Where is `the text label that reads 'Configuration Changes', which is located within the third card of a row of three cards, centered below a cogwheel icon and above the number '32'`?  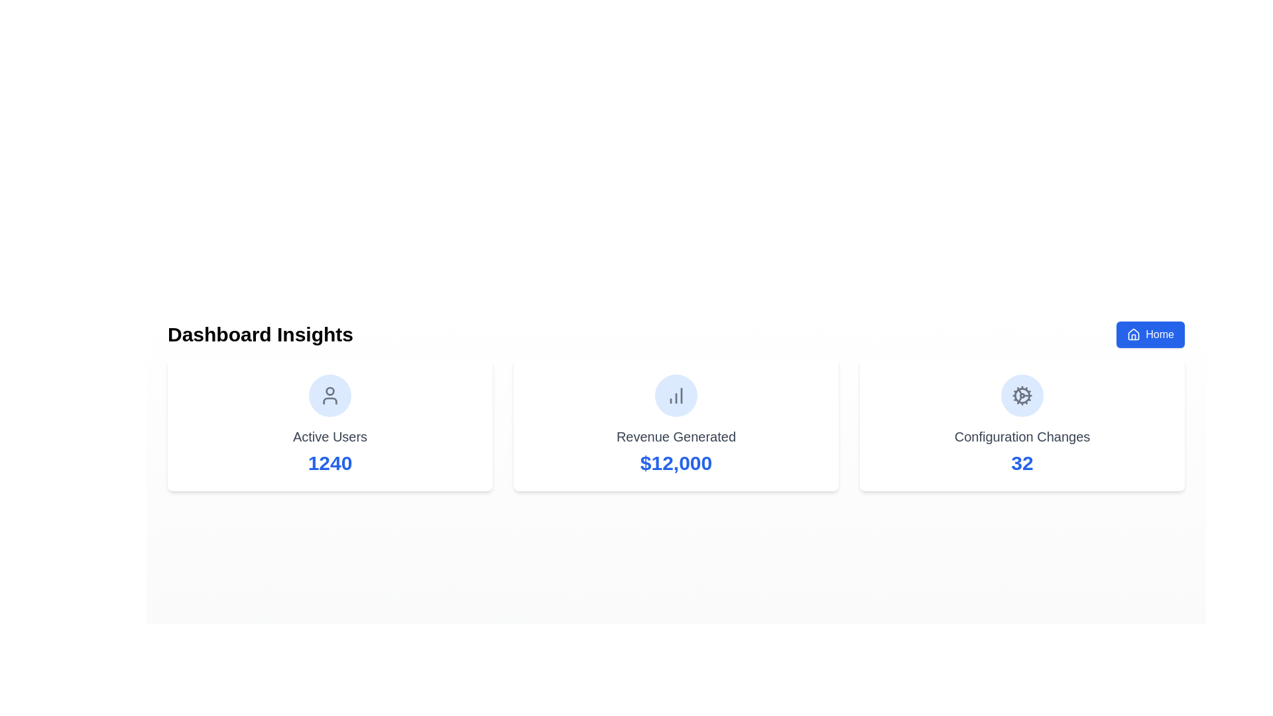
the text label that reads 'Configuration Changes', which is located within the third card of a row of three cards, centered below a cogwheel icon and above the number '32' is located at coordinates (1021, 437).